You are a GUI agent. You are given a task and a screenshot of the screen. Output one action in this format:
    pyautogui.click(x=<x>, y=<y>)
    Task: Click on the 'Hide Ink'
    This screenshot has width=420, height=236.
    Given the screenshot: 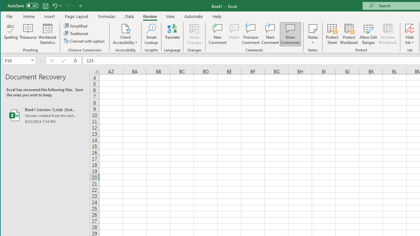 What is the action you would take?
    pyautogui.click(x=409, y=34)
    